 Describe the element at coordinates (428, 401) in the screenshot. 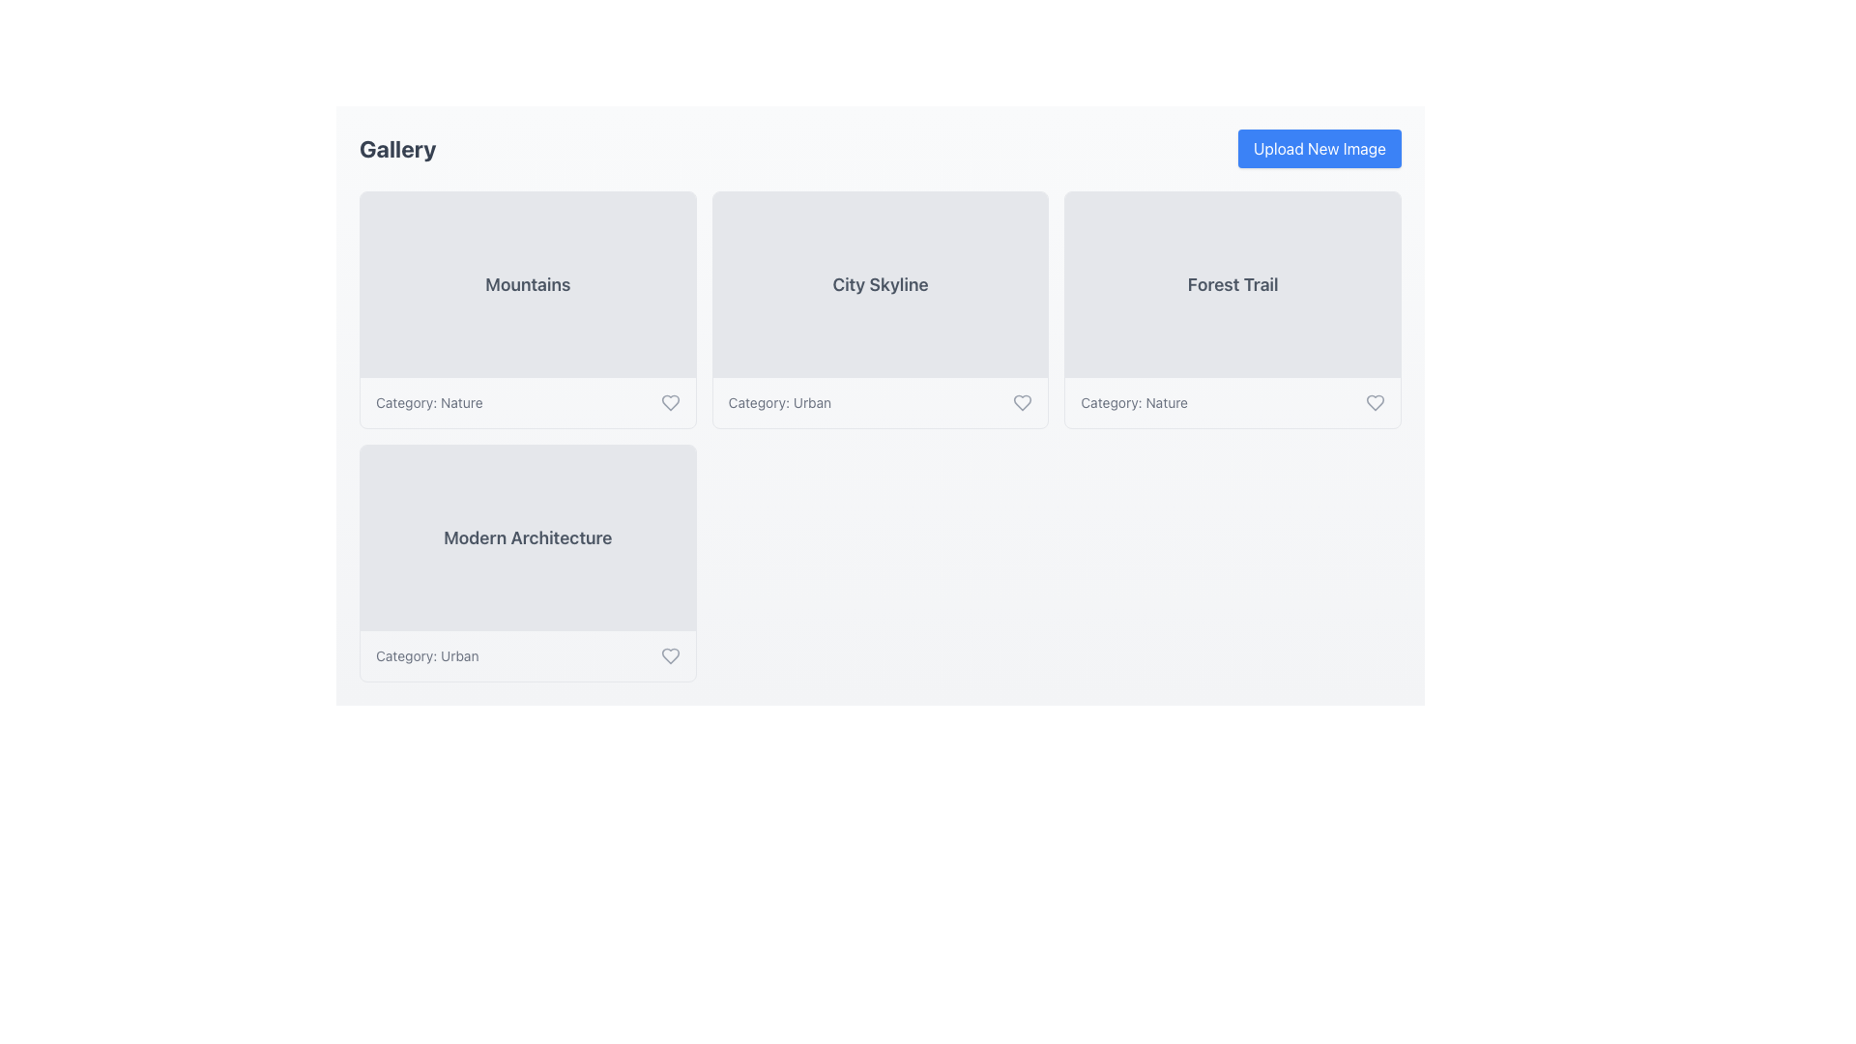

I see `the static text label that reads 'Category: Nature', which is displayed in a small, gray font below the 'Mountains' card` at that location.